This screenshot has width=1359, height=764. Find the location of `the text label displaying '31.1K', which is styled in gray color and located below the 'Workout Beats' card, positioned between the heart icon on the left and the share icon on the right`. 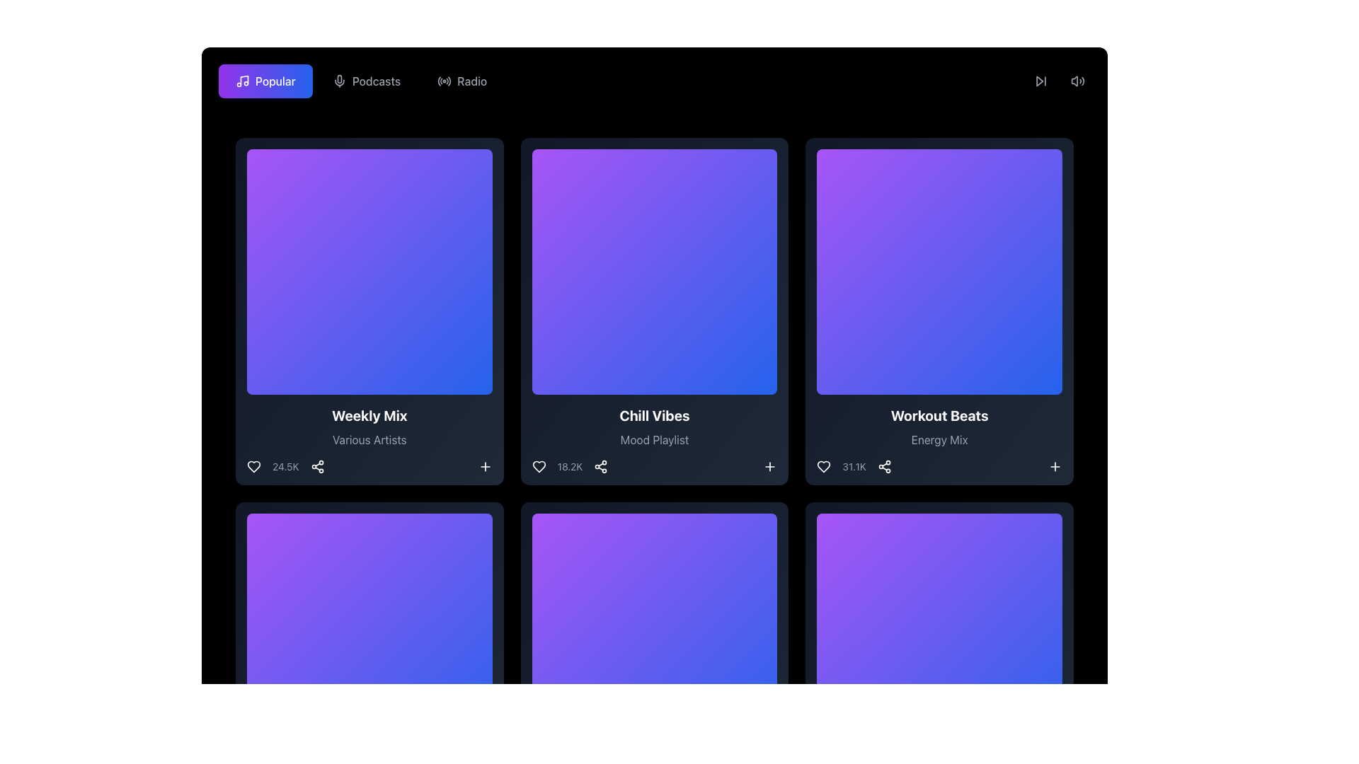

the text label displaying '31.1K', which is styled in gray color and located below the 'Workout Beats' card, positioned between the heart icon on the left and the share icon on the right is located at coordinates (854, 466).